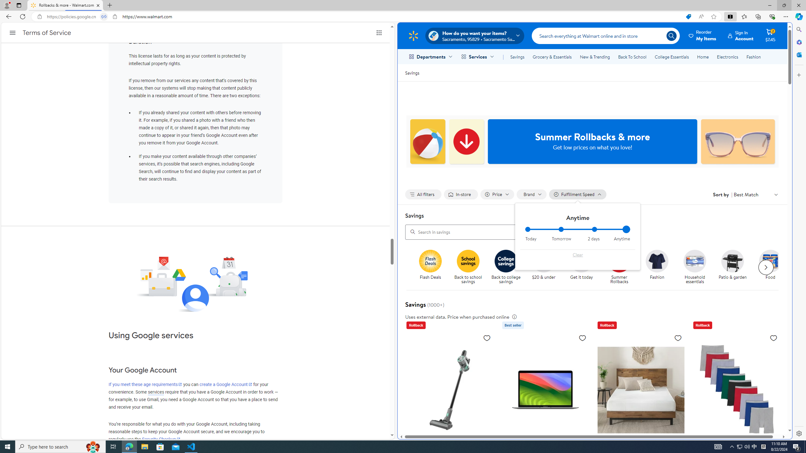 Image resolution: width=806 pixels, height=453 pixels. I want to click on '$20 and under $20 & under', so click(543, 265).